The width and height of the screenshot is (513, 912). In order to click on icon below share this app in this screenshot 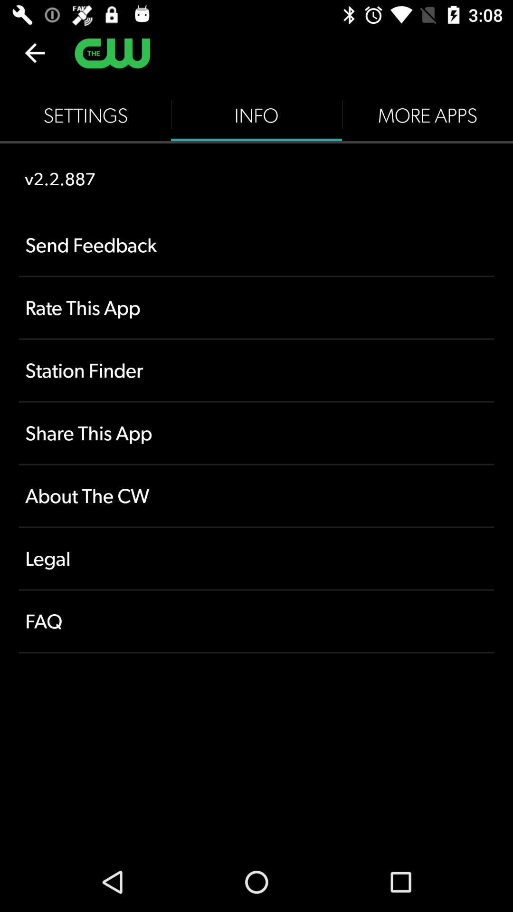, I will do `click(256, 495)`.